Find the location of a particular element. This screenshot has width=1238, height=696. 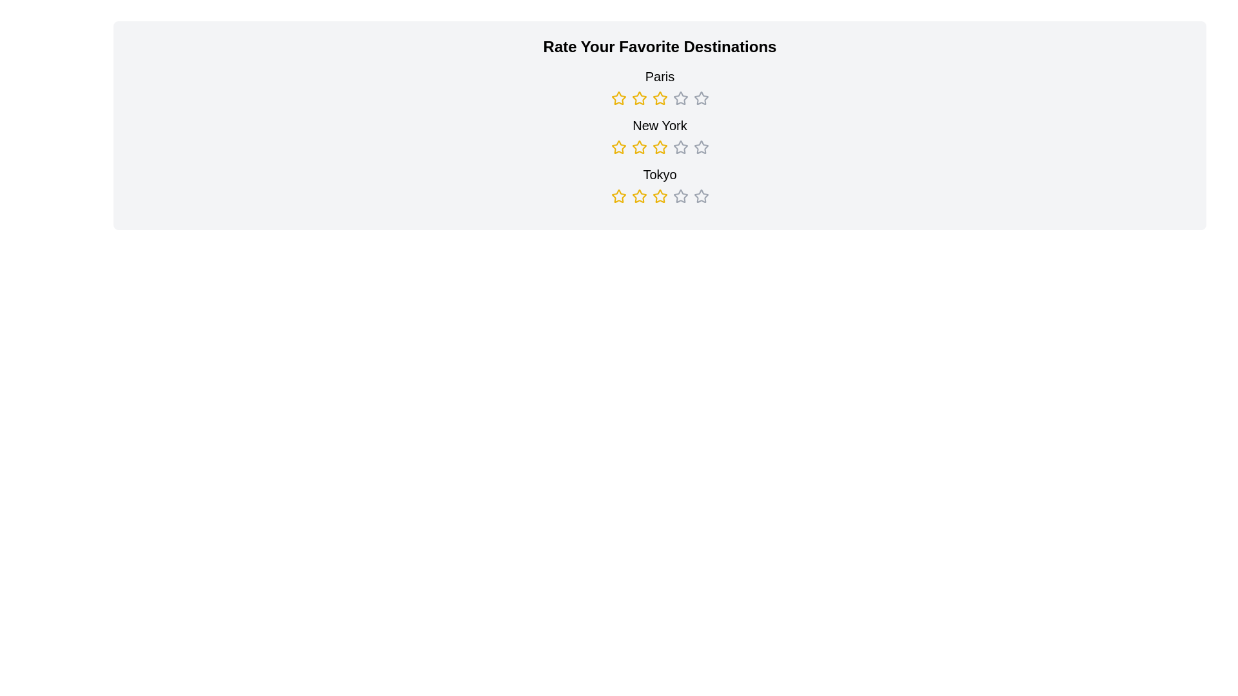

the fourth star is located at coordinates (680, 196).